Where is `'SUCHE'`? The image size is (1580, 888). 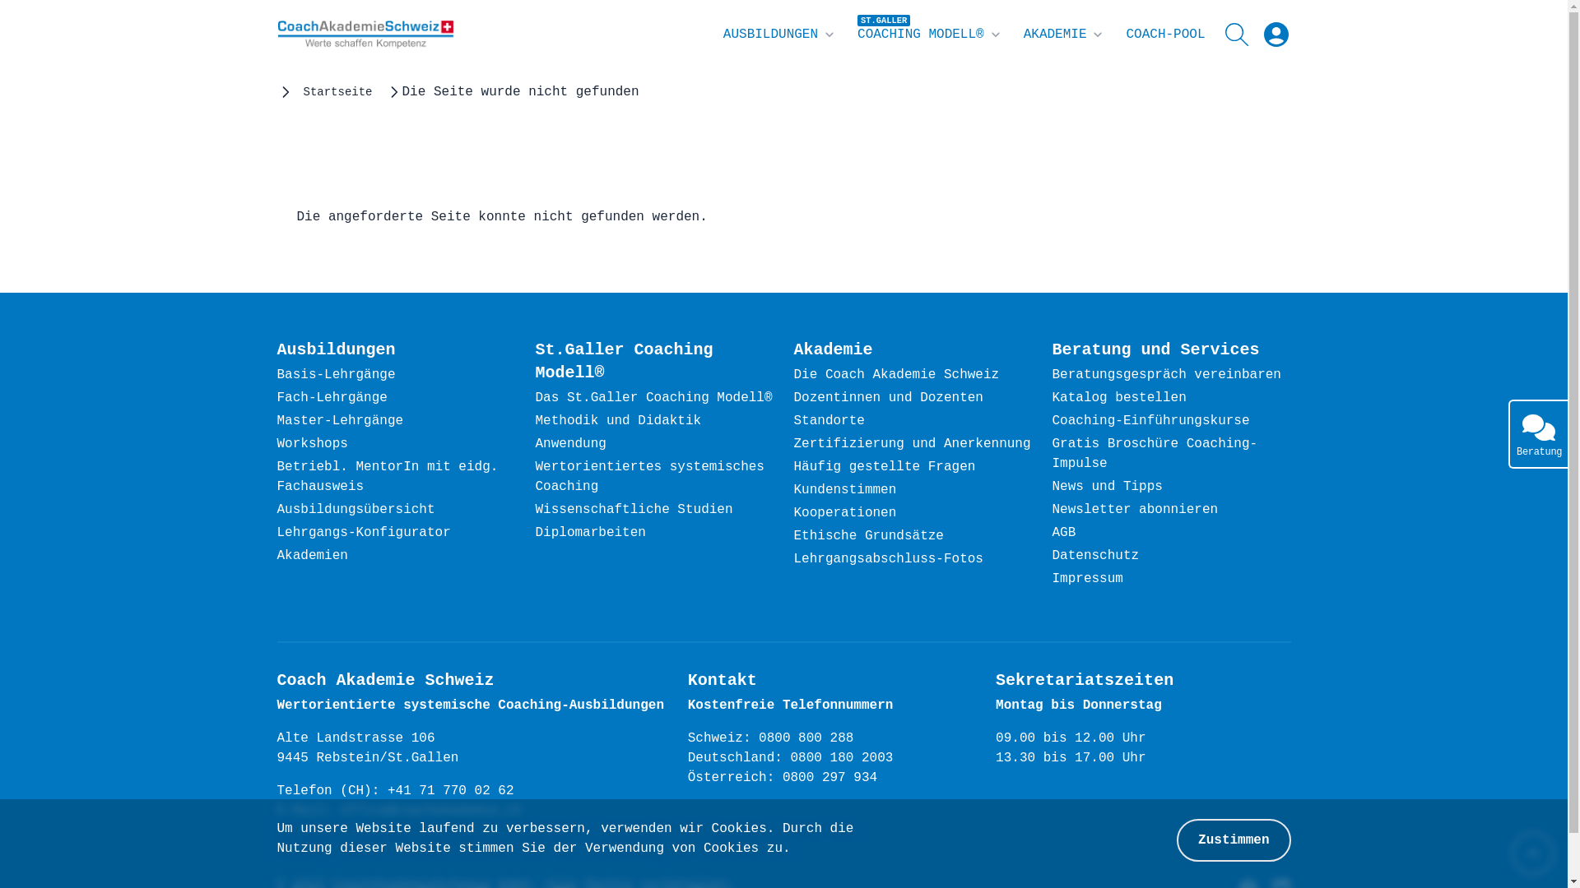 'SUCHE' is located at coordinates (1239, 35).